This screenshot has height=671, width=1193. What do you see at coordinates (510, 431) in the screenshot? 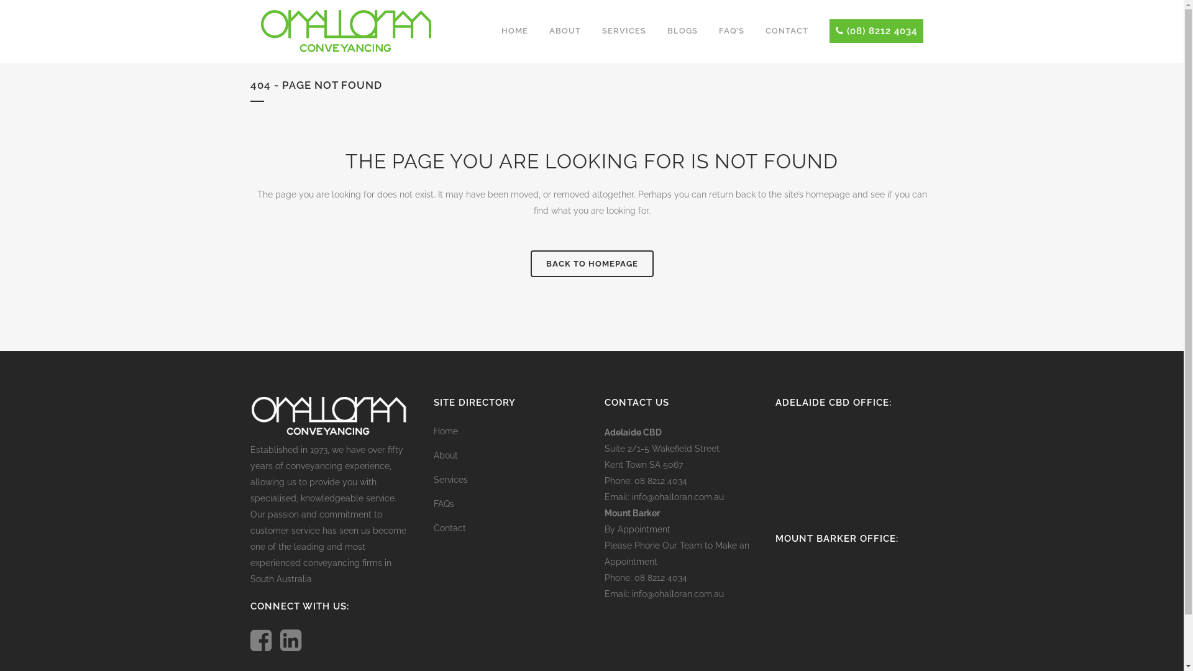
I see `'Home'` at bounding box center [510, 431].